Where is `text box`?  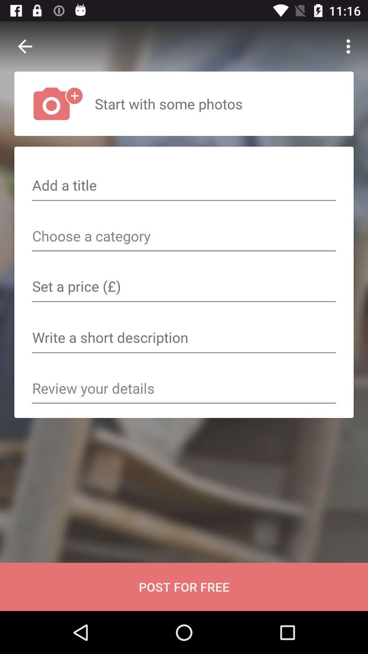 text box is located at coordinates (184, 338).